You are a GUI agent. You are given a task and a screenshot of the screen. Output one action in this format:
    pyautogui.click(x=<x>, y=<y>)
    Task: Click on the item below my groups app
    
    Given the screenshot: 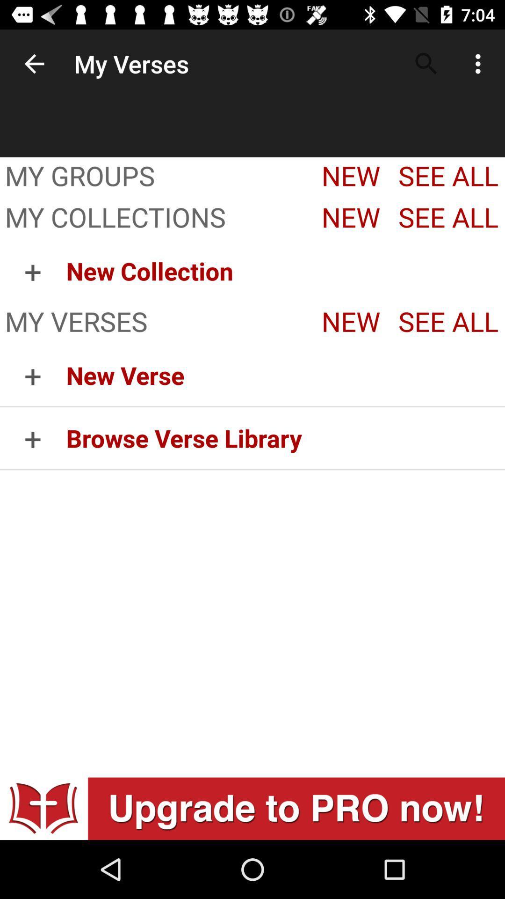 What is the action you would take?
    pyautogui.click(x=154, y=218)
    